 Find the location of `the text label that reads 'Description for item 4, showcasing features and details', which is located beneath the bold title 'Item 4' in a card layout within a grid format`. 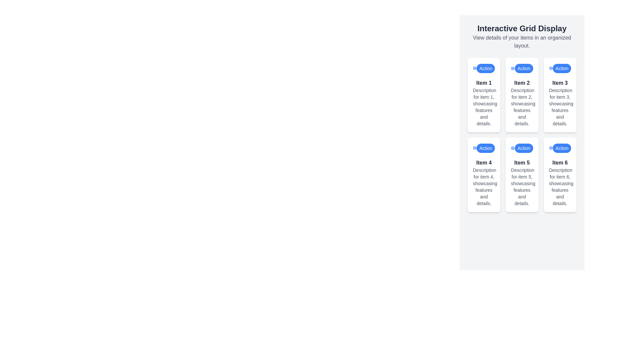

the text label that reads 'Description for item 4, showcasing features and details', which is located beneath the bold title 'Item 4' in a card layout within a grid format is located at coordinates (484, 187).